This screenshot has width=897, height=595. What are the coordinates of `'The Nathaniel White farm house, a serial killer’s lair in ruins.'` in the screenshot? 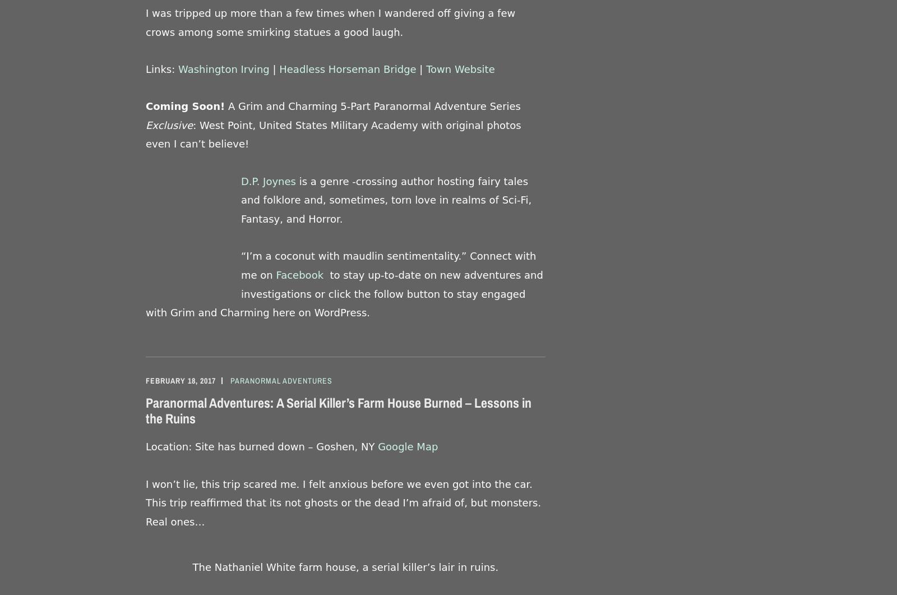 It's located at (345, 566).